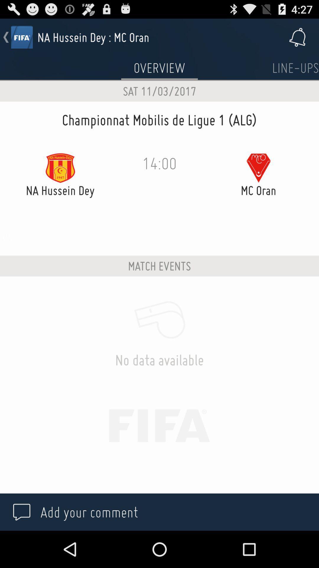  What do you see at coordinates (60, 167) in the screenshot?
I see `the icon above text na hussein dey` at bounding box center [60, 167].